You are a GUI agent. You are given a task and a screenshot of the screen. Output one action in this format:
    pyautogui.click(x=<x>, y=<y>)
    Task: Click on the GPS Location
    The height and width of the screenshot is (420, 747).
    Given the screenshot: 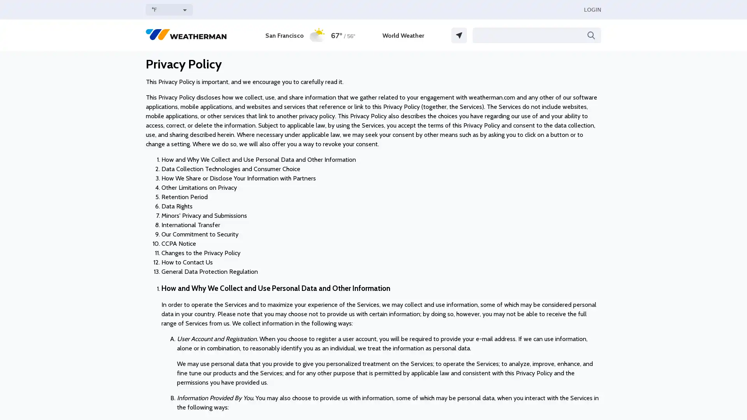 What is the action you would take?
    pyautogui.click(x=459, y=35)
    